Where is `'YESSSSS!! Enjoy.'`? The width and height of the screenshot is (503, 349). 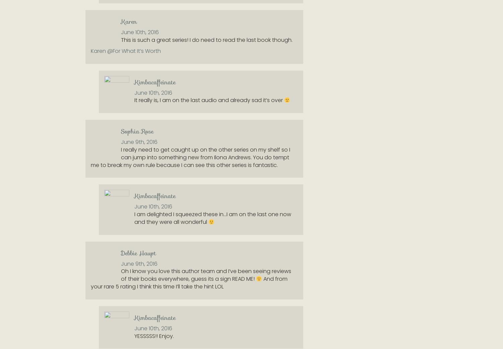
'YESSSSS!! Enjoy.' is located at coordinates (154, 336).